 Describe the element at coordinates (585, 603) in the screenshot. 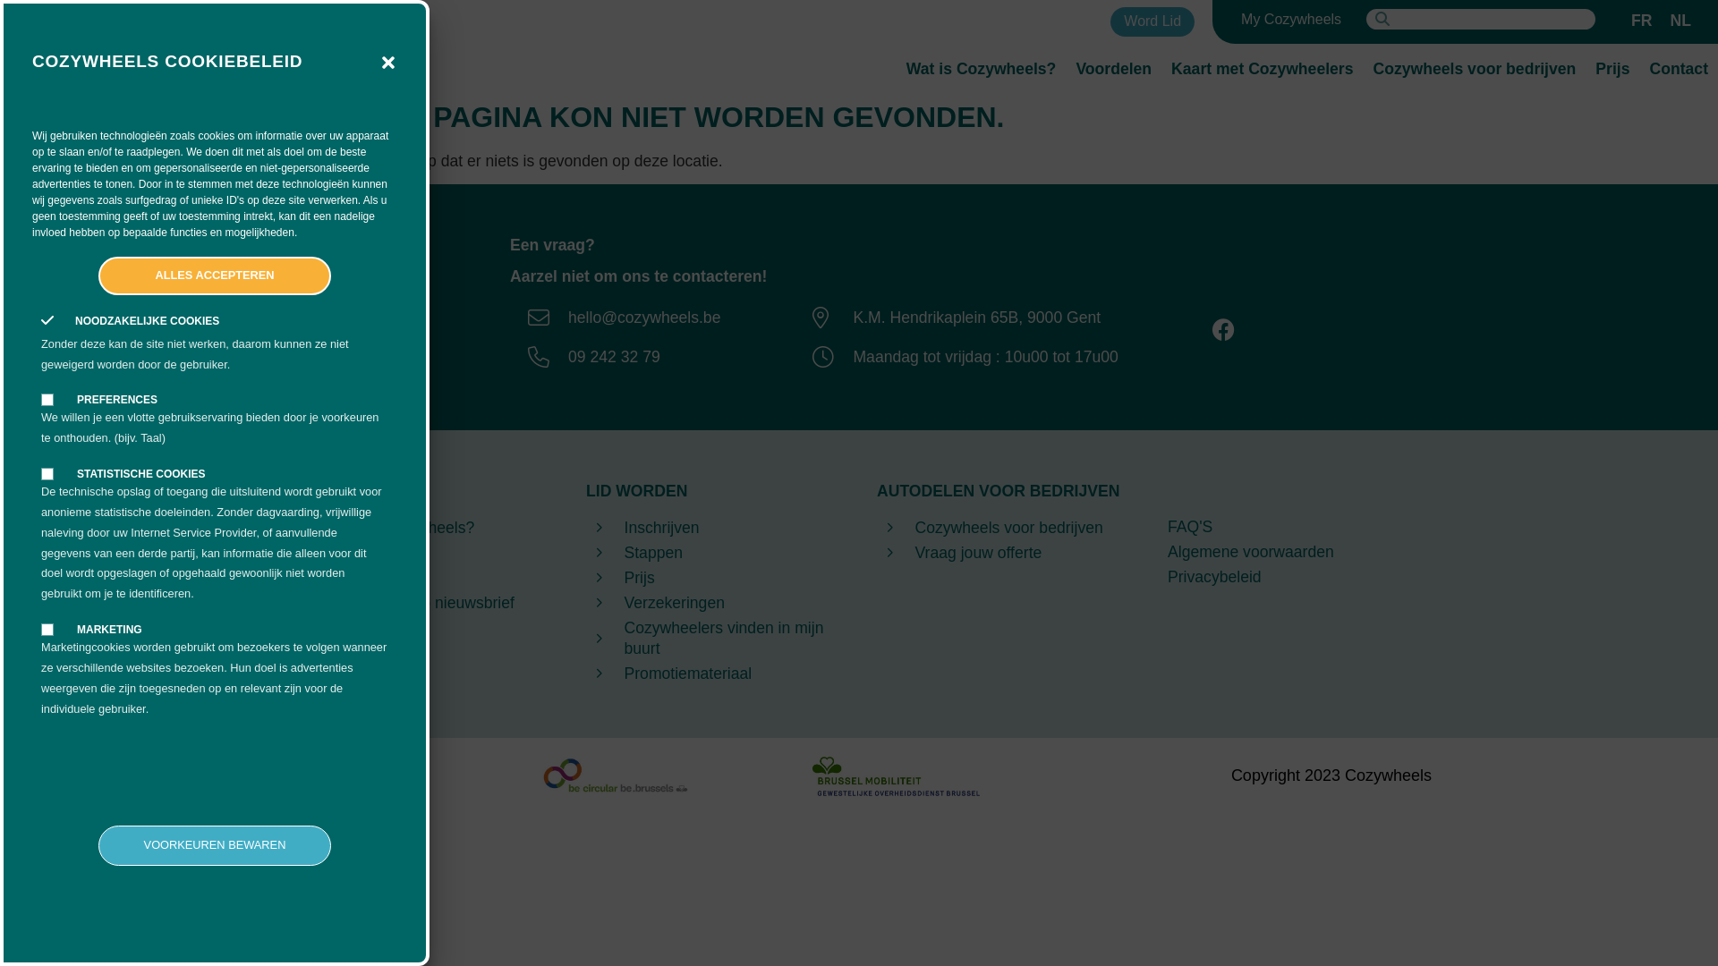

I see `'Verzekeringen'` at that location.